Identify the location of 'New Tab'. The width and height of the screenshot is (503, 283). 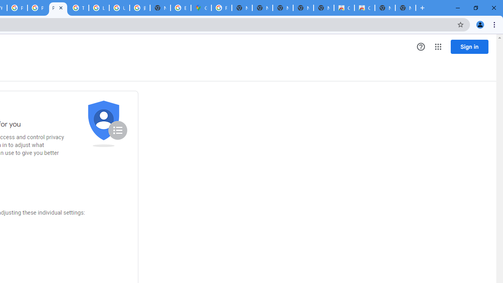
(406, 8).